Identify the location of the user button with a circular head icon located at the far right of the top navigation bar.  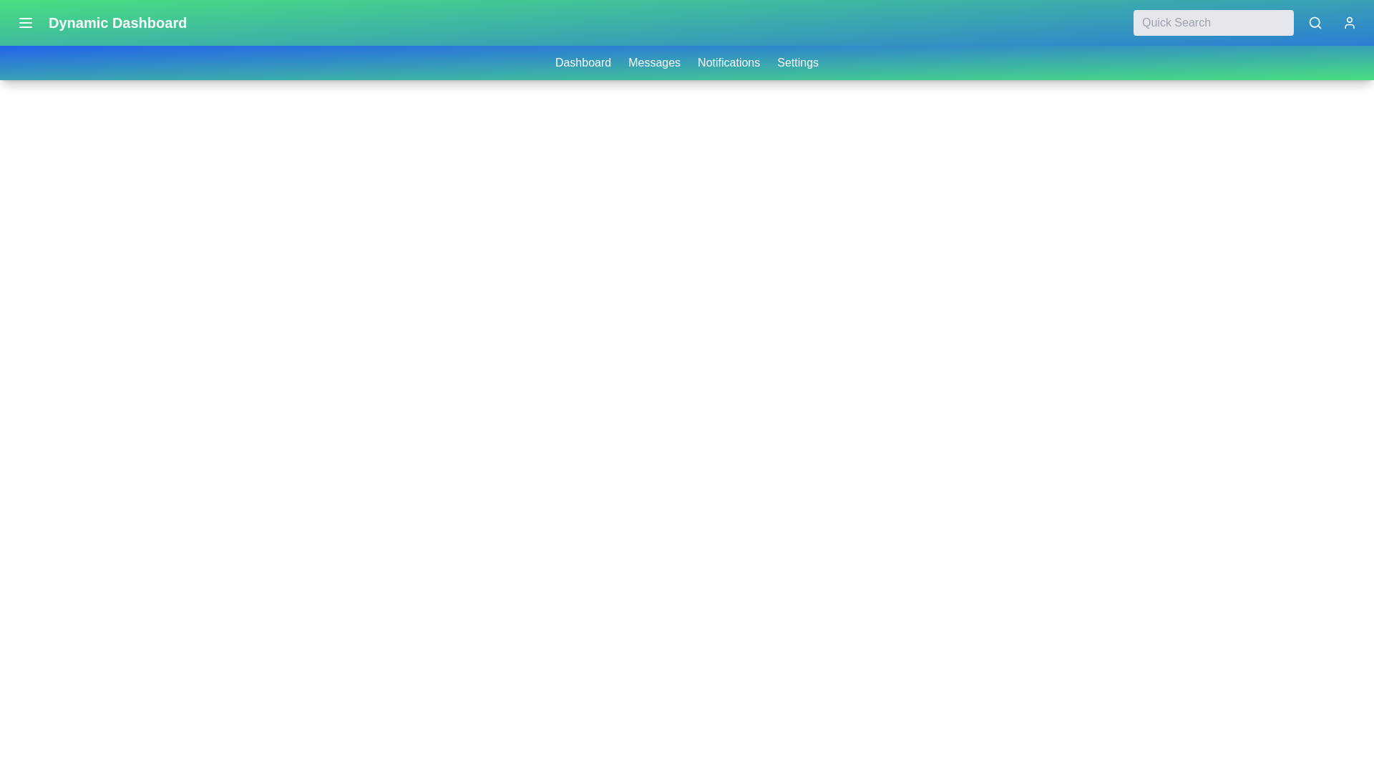
(1349, 22).